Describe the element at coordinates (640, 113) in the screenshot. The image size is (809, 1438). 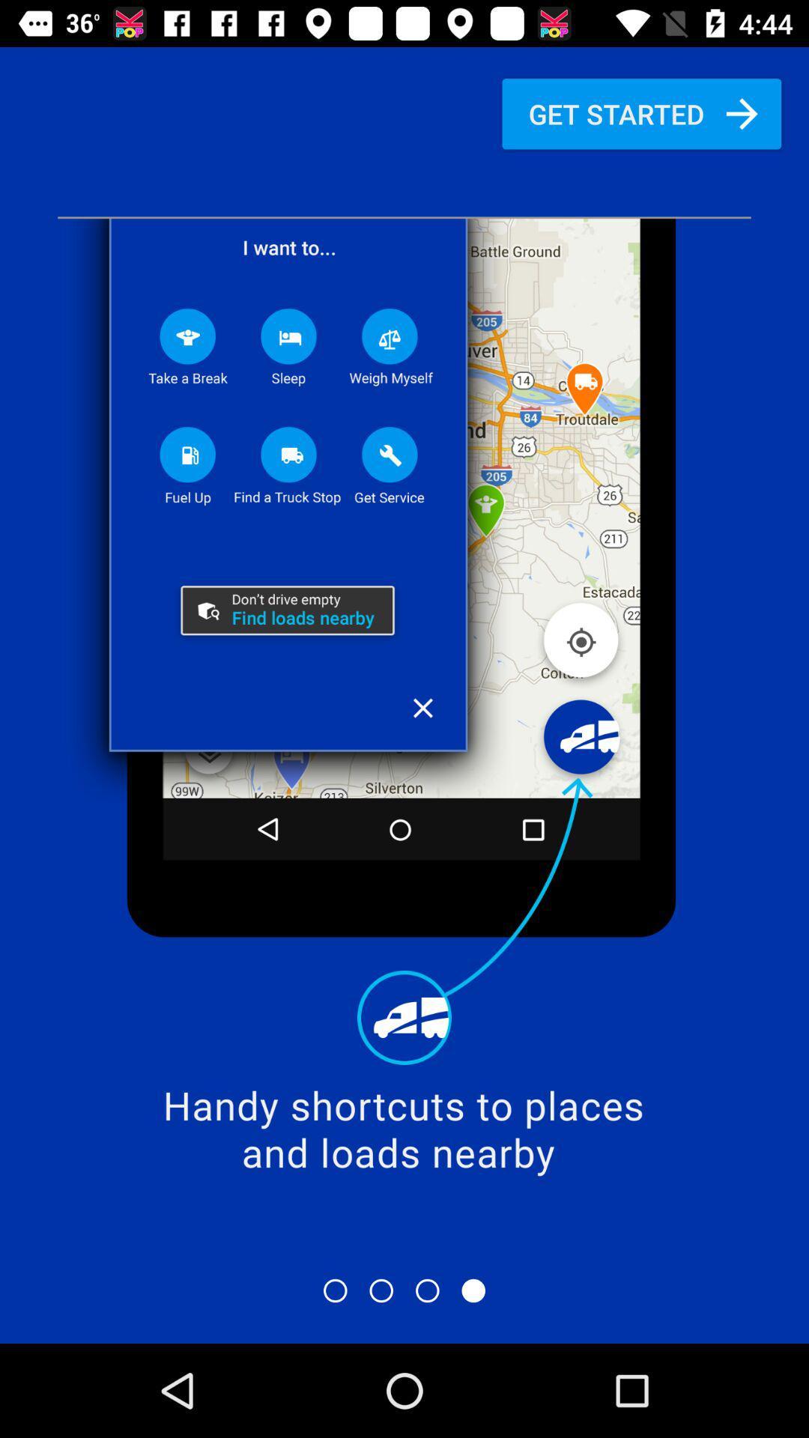
I see `the get started` at that location.